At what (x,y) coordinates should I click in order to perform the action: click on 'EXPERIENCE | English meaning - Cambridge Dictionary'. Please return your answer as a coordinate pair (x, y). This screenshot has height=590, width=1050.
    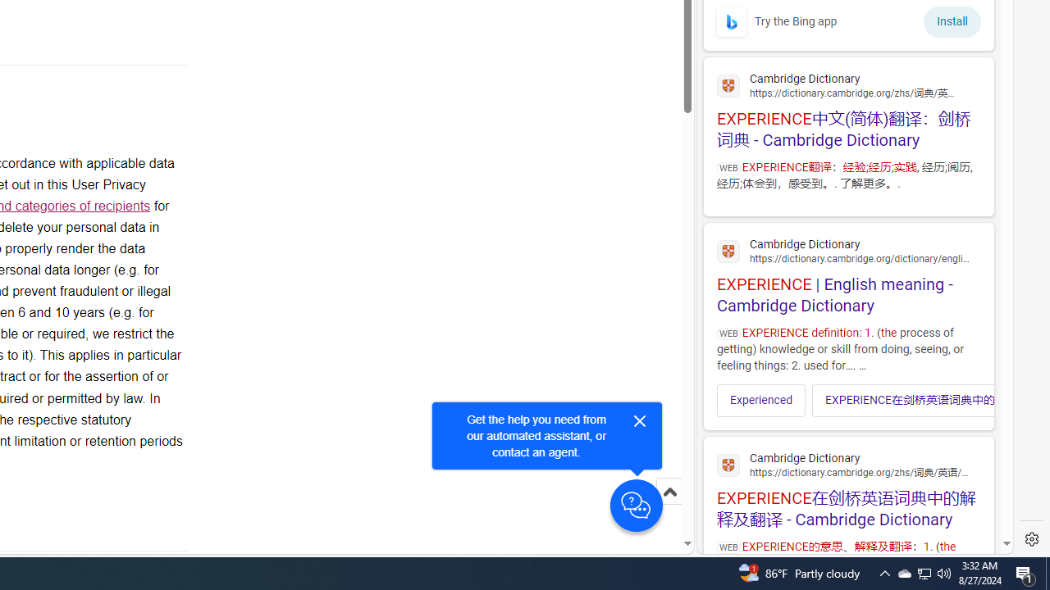
    Looking at the image, I should click on (848, 273).